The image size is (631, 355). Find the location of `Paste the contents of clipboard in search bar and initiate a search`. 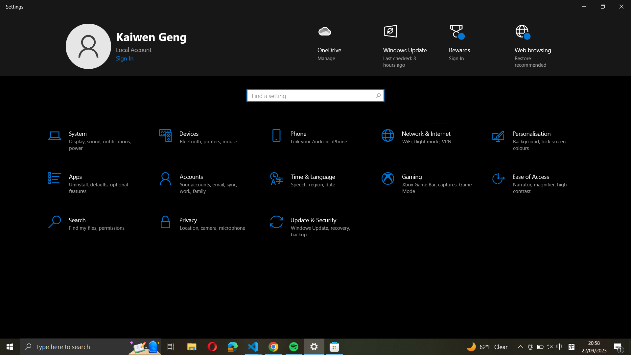

Paste the contents of clipboard in search bar and initiate a search is located at coordinates (315, 95).